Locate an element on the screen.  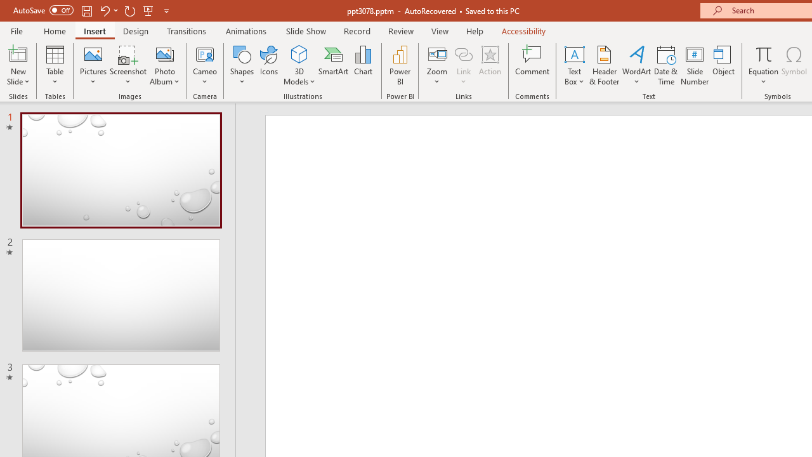
'SmartArt...' is located at coordinates (334, 65).